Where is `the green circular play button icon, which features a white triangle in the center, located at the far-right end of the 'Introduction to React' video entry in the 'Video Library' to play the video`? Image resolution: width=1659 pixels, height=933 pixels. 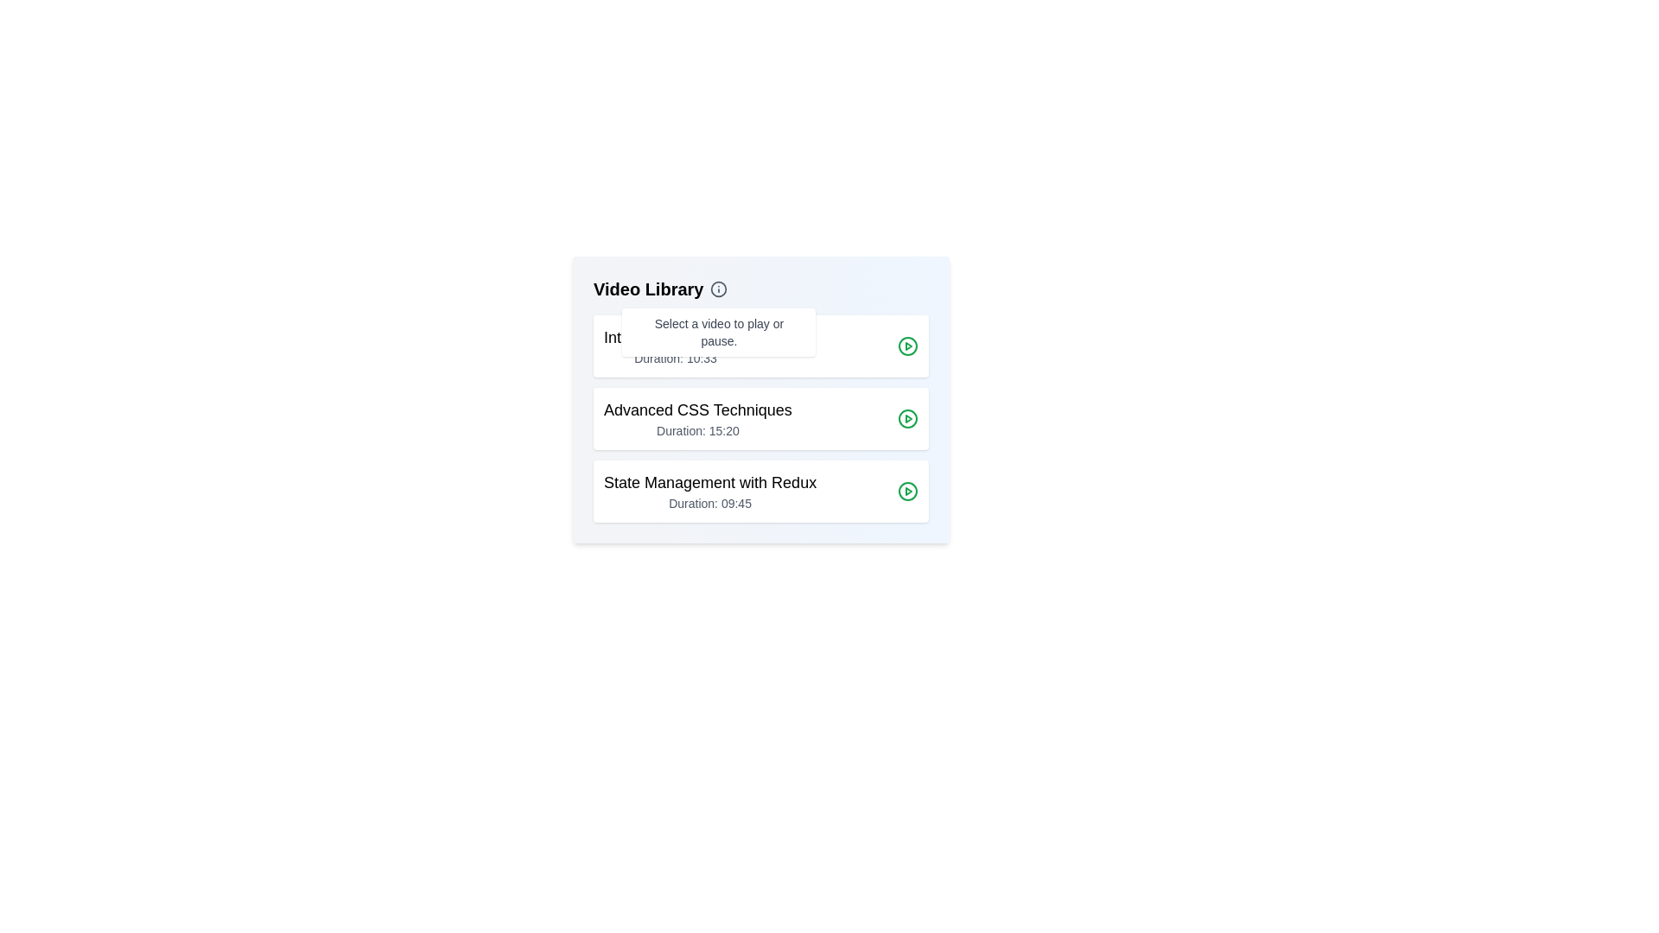 the green circular play button icon, which features a white triangle in the center, located at the far-right end of the 'Introduction to React' video entry in the 'Video Library' to play the video is located at coordinates (907, 346).